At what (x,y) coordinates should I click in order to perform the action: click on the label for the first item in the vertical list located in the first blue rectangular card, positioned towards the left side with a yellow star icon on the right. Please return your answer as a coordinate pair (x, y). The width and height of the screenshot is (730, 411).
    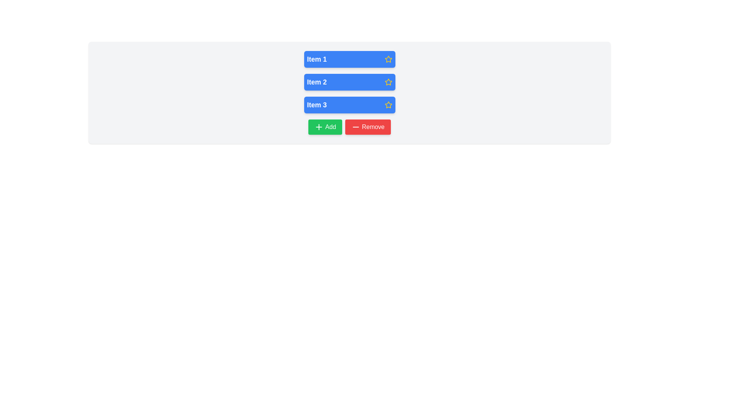
    Looking at the image, I should click on (317, 59).